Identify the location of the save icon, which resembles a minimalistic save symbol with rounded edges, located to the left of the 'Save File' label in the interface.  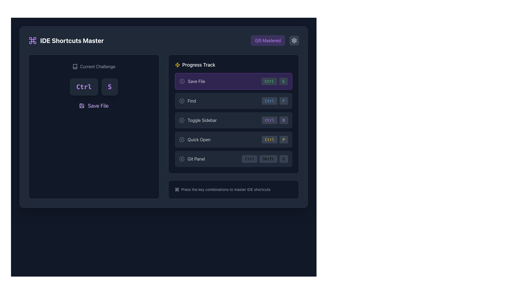
(82, 106).